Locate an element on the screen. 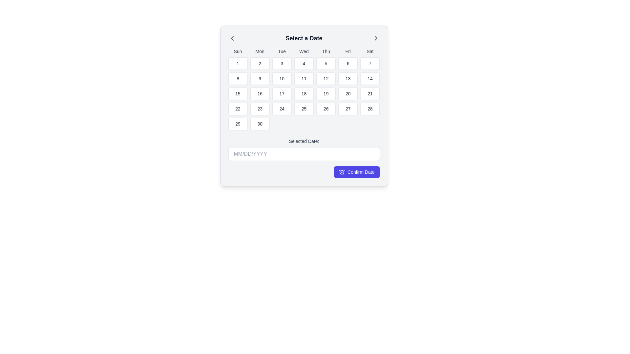 The width and height of the screenshot is (630, 354). the date selection button located in the calendar section, specifically in the fifth row and fifth column of the grid is located at coordinates (326, 108).